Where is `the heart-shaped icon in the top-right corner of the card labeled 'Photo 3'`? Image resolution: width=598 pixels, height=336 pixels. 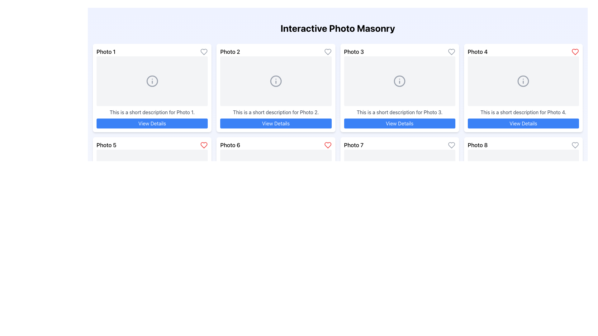
the heart-shaped icon in the top-right corner of the card labeled 'Photo 3' is located at coordinates (451, 51).